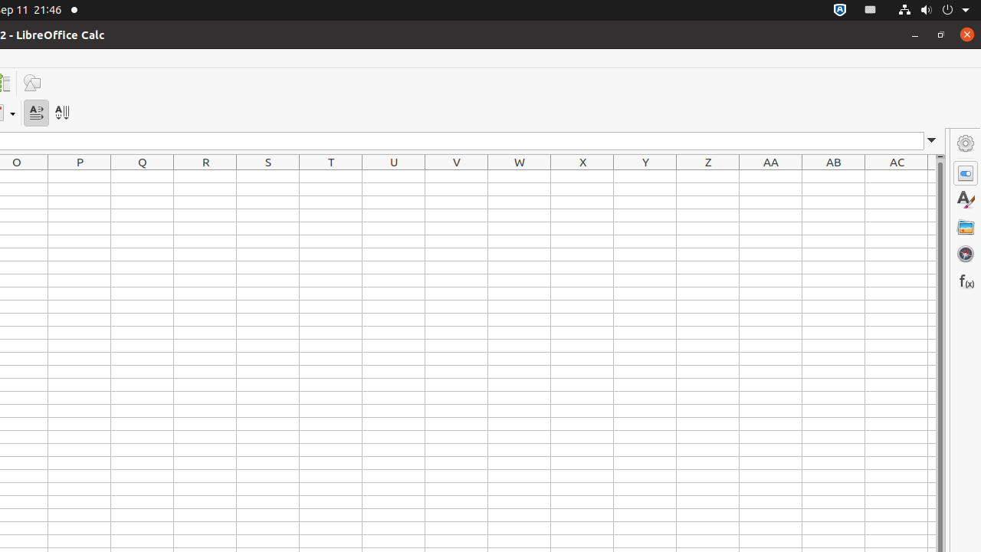 The width and height of the screenshot is (981, 552). I want to click on 'R1', so click(205, 176).